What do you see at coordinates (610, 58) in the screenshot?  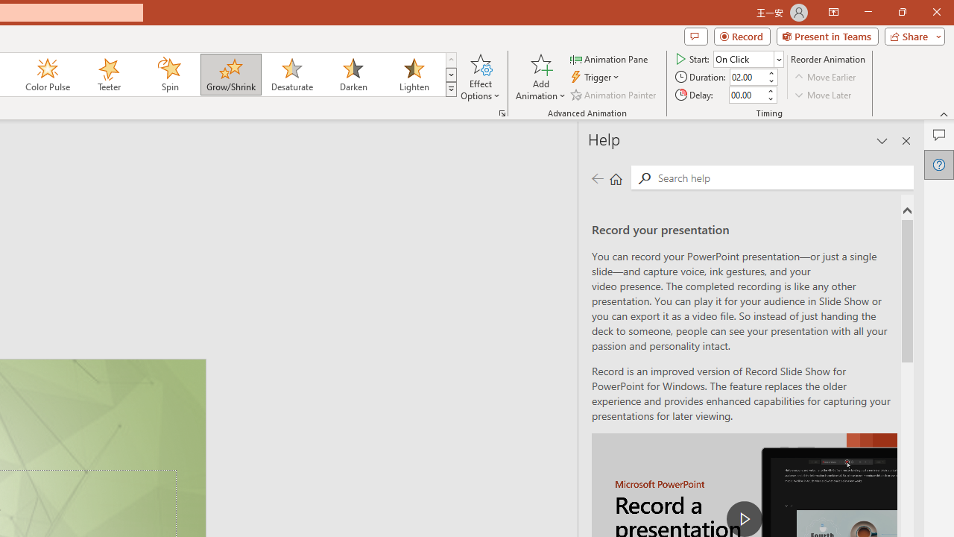 I see `'Animation Pane'` at bounding box center [610, 58].